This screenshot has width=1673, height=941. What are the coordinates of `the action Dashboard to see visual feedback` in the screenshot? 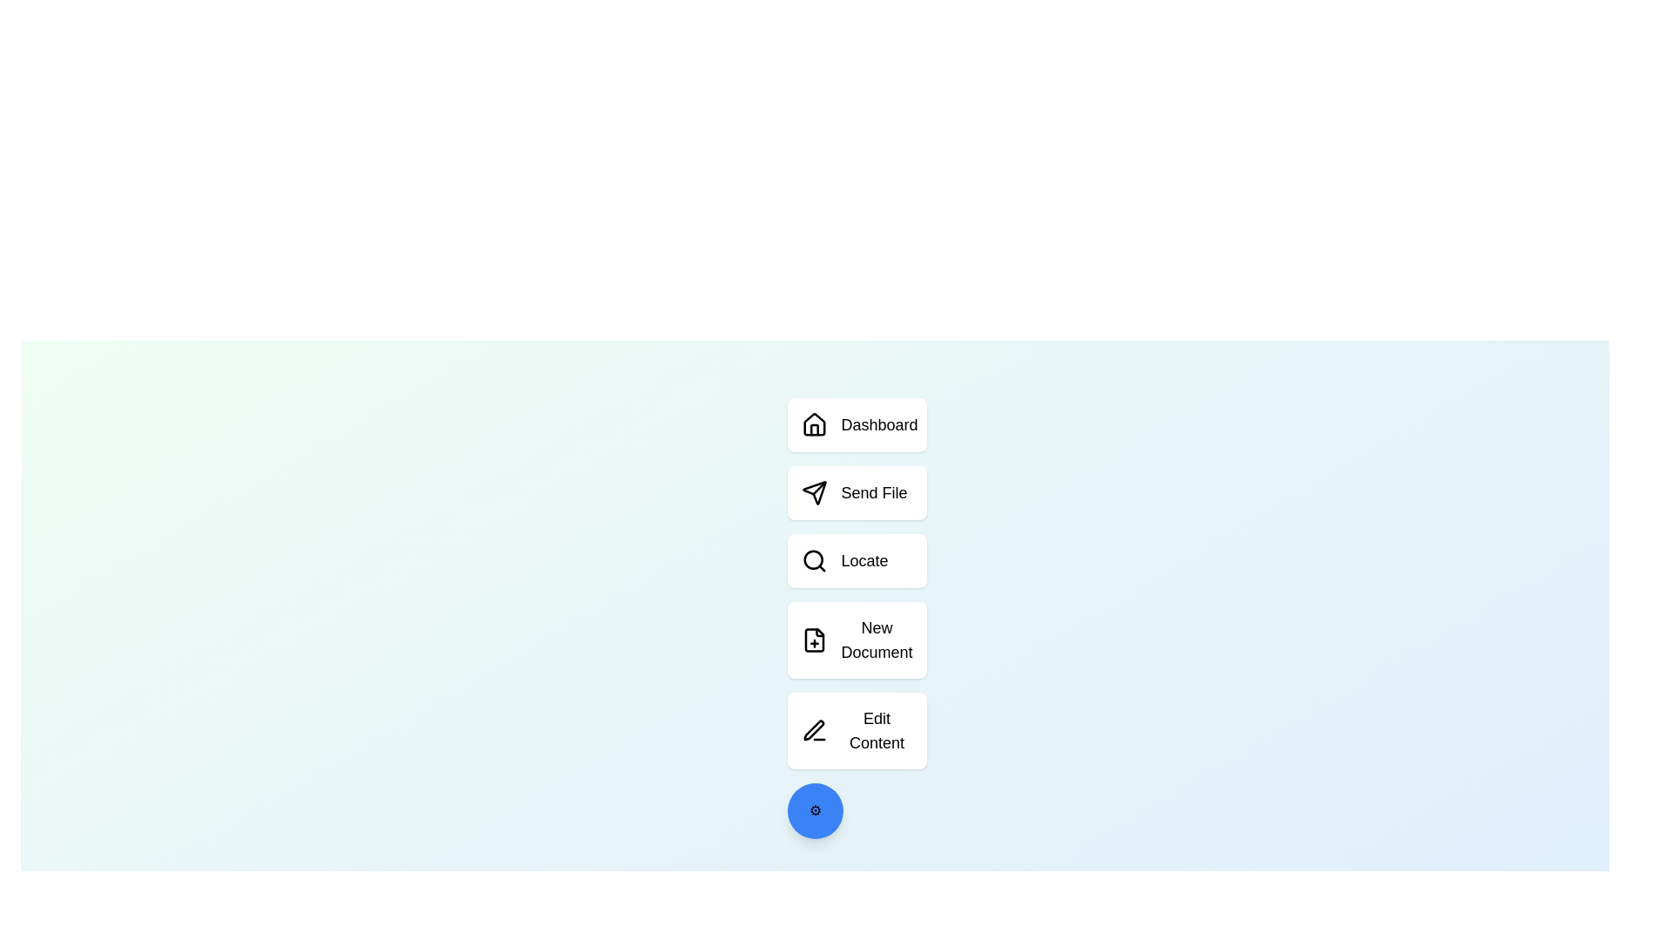 It's located at (857, 425).